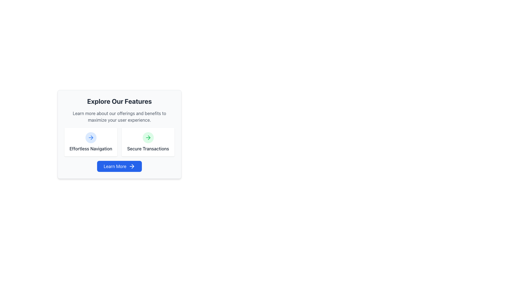 This screenshot has height=298, width=531. What do you see at coordinates (149, 137) in the screenshot?
I see `the arrow icon in the 'Learn More' button located at the bottom center of the 'Explore Our Features' card` at bounding box center [149, 137].